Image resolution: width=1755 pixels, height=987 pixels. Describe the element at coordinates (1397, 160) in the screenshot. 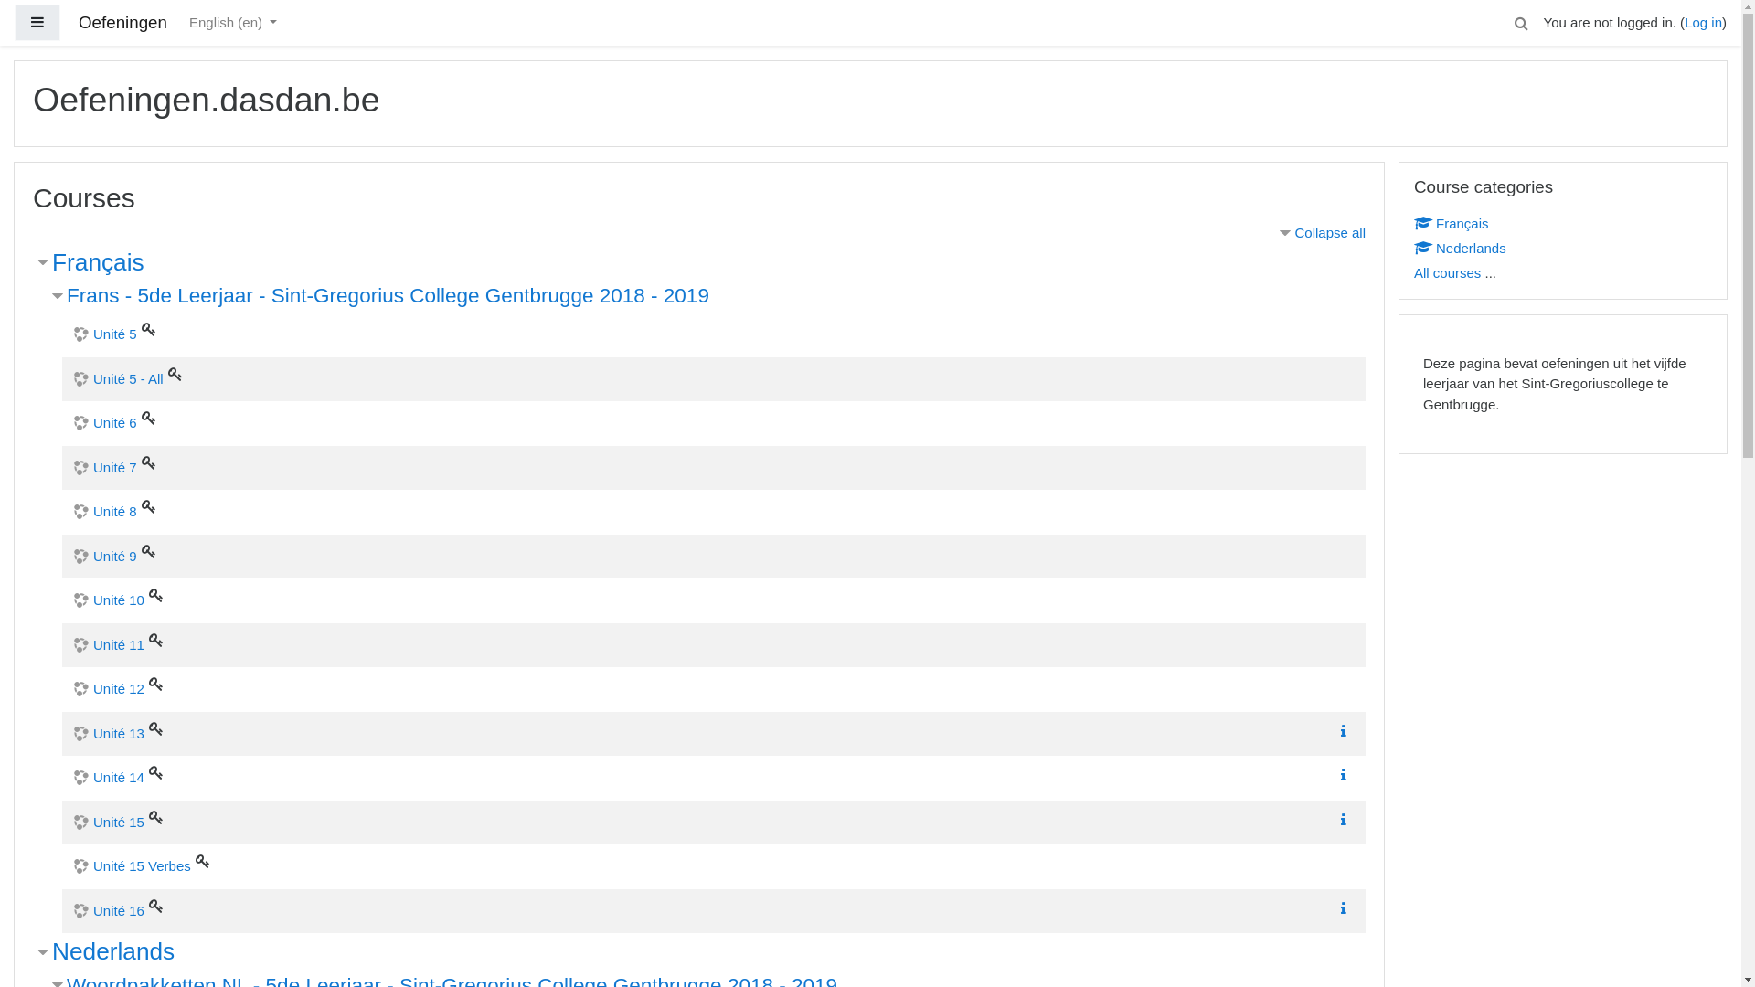

I see `'Skip Course categories'` at that location.